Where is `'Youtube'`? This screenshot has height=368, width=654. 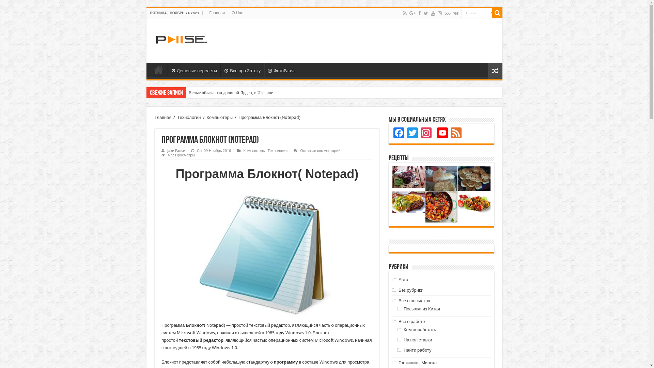 'Youtube' is located at coordinates (433, 13).